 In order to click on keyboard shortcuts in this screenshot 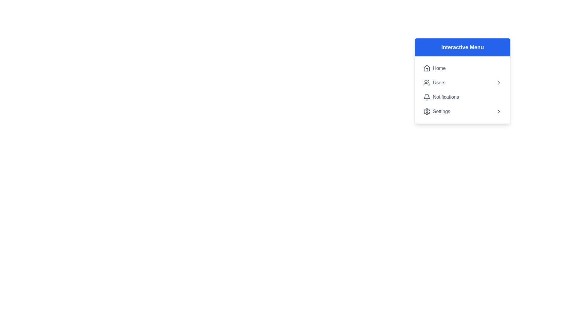, I will do `click(426, 68)`.